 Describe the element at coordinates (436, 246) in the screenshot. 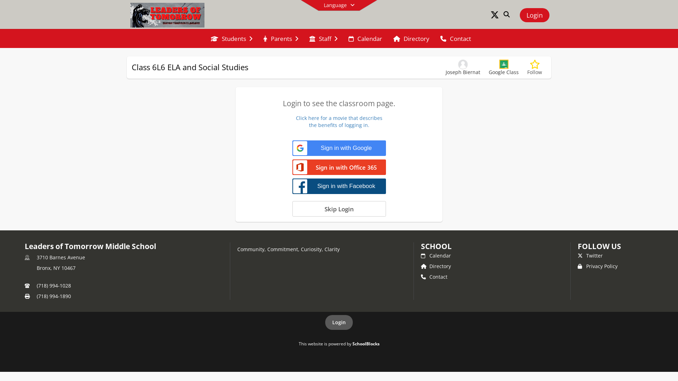

I see `'SCHOOL'` at that location.